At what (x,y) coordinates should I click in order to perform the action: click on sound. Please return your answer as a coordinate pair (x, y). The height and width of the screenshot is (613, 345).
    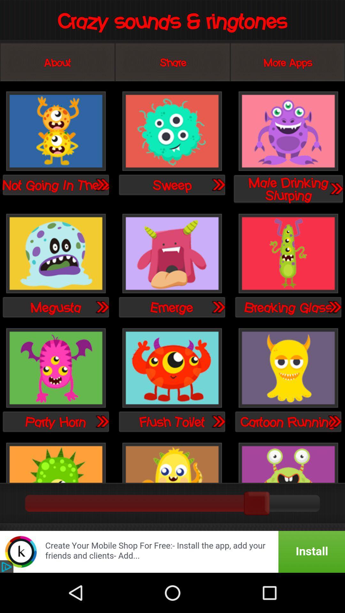
    Looking at the image, I should click on (218, 421).